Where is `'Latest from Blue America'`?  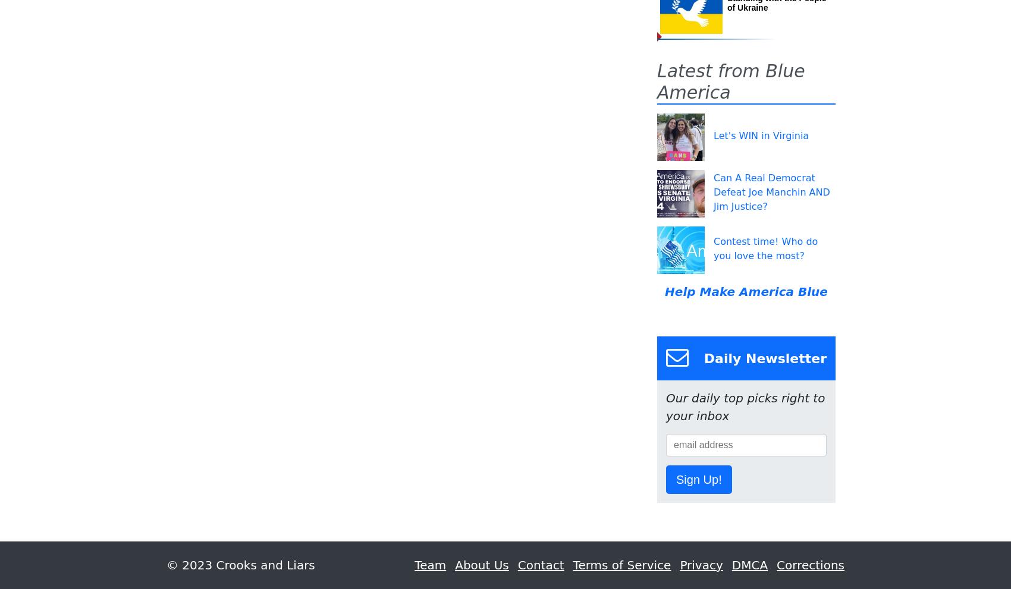 'Latest from Blue America' is located at coordinates (730, 81).